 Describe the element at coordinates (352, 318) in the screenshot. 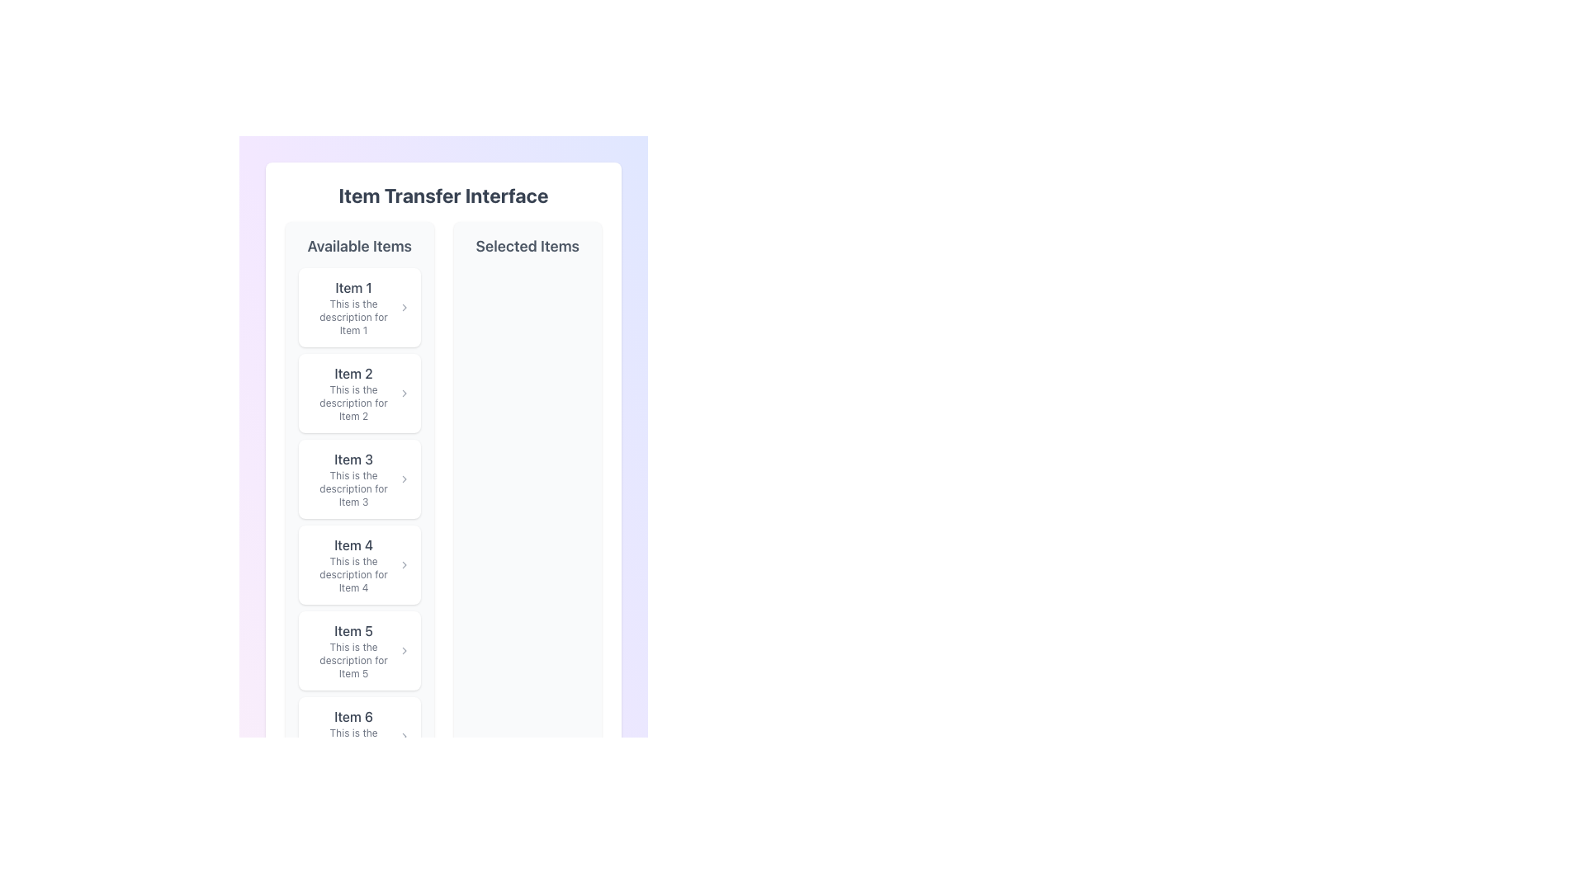

I see `the text label that reads 'This is the description for Item 1' located in the 'Available Items' section to read the full text if truncated` at that location.